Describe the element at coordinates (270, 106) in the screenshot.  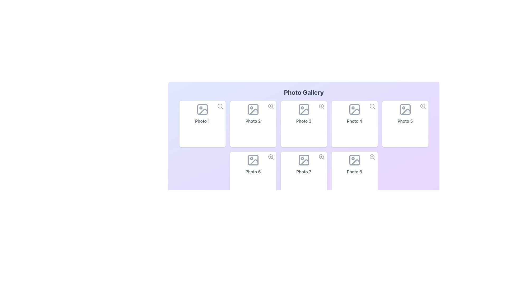
I see `the SVG circle element that is part of the zoom-in icon in the photo gallery interface for 'Photo 2'` at that location.